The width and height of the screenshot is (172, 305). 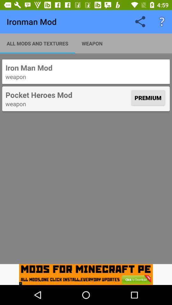 I want to click on the item to the left of the premium icon, so click(x=67, y=94).